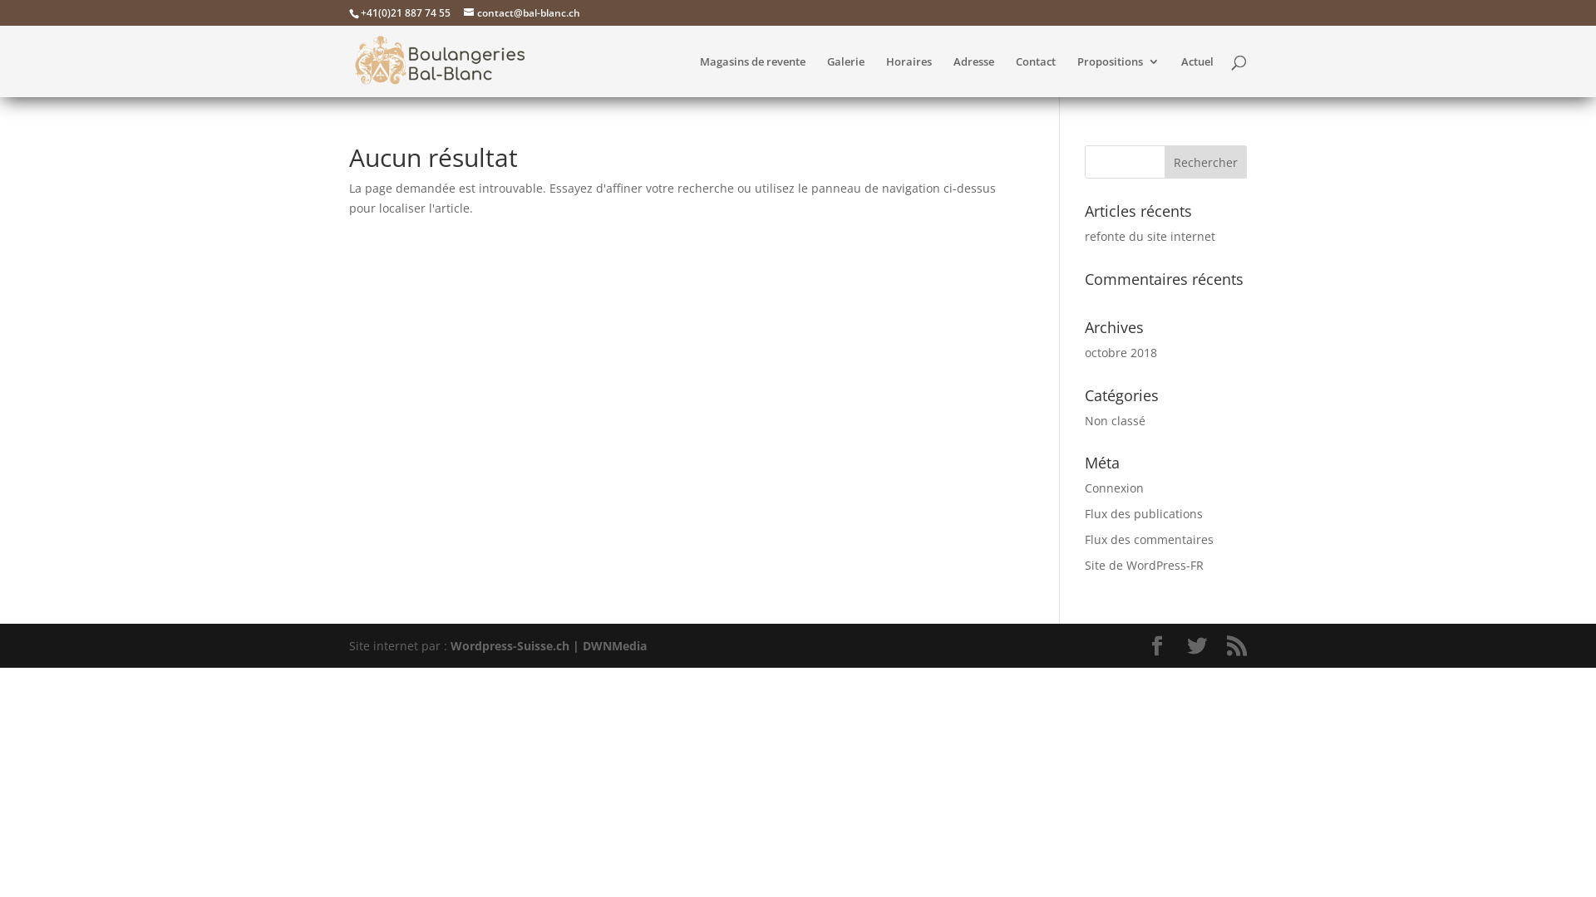 Image resolution: width=1596 pixels, height=897 pixels. What do you see at coordinates (549, 645) in the screenshot?
I see `'Wordpress-Suisse.ch | DWNMedia'` at bounding box center [549, 645].